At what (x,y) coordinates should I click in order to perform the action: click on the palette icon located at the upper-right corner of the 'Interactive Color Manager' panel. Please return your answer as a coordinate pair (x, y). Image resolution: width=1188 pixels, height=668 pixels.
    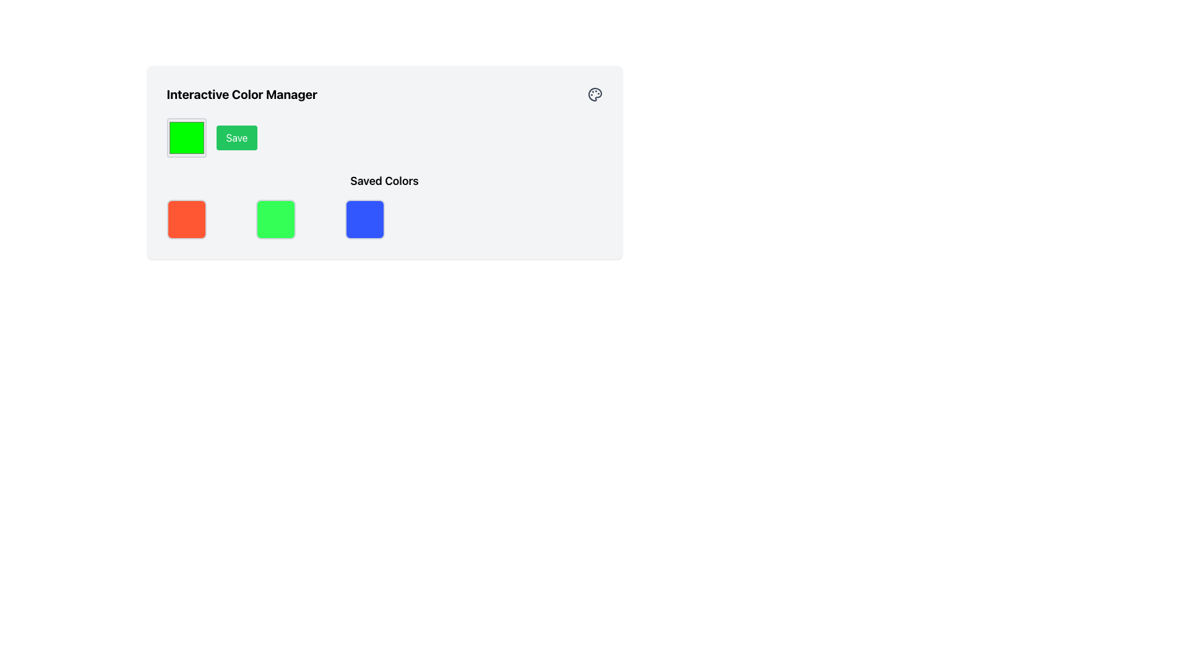
    Looking at the image, I should click on (595, 94).